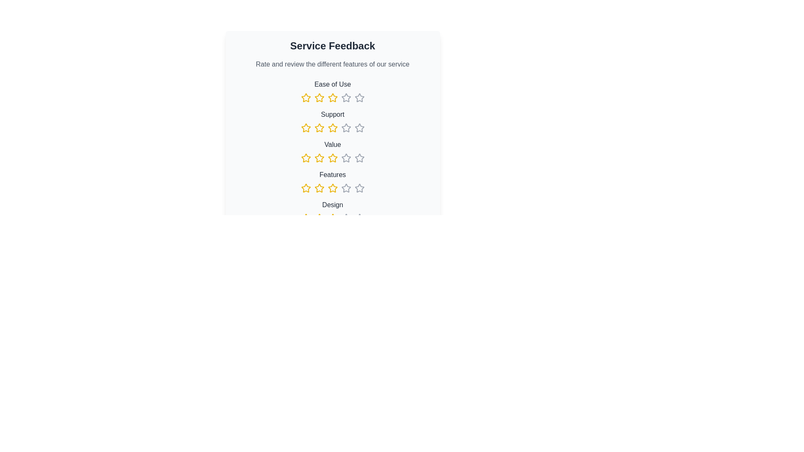  What do you see at coordinates (359, 187) in the screenshot?
I see `the last gray outlined star icon in the rating system under the 'Features' label to assign a rating` at bounding box center [359, 187].